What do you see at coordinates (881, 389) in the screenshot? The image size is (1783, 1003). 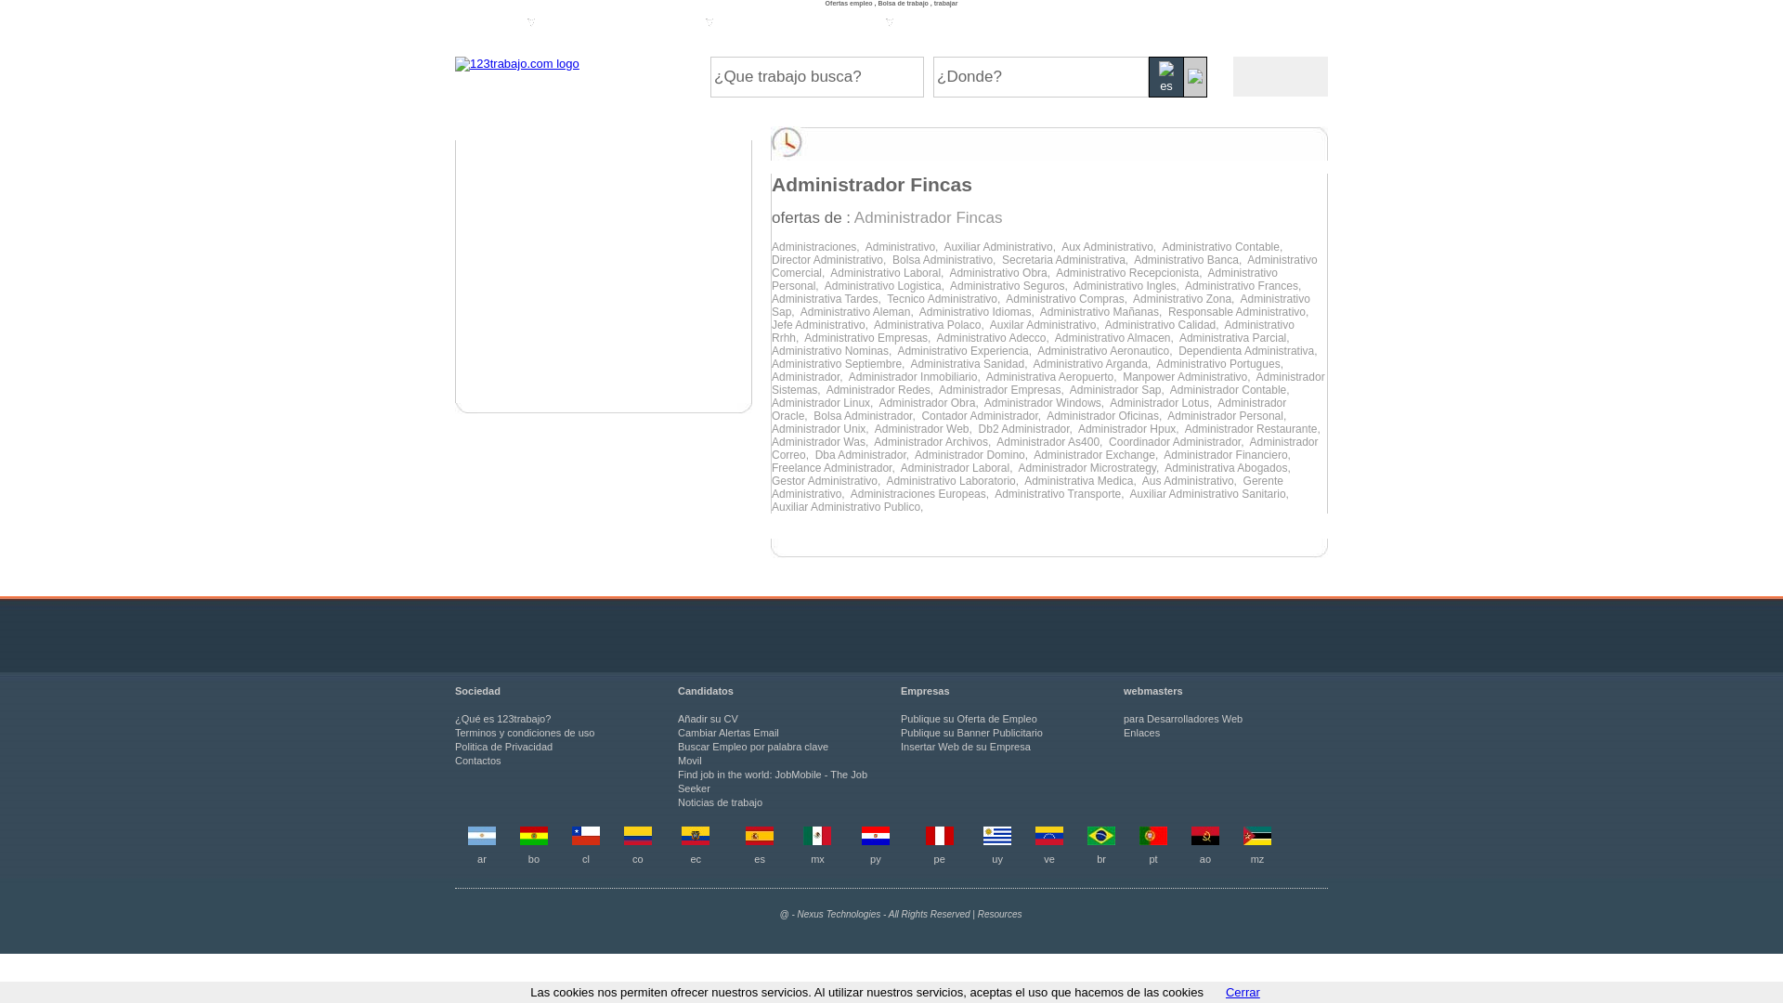 I see `'Administrador Redes, '` at bounding box center [881, 389].